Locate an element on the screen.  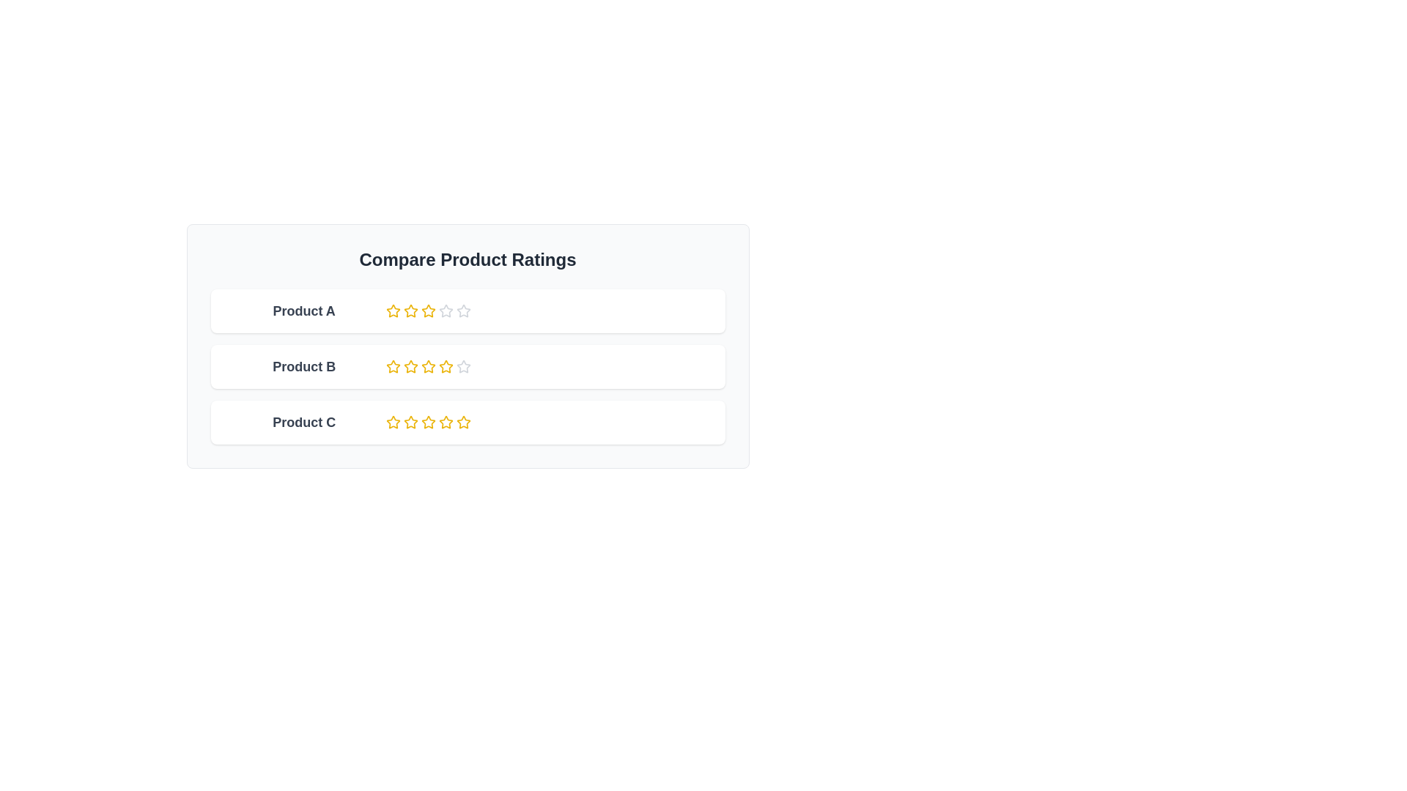
the third star in the 5-star rating system for 'Product B' is located at coordinates (445, 365).